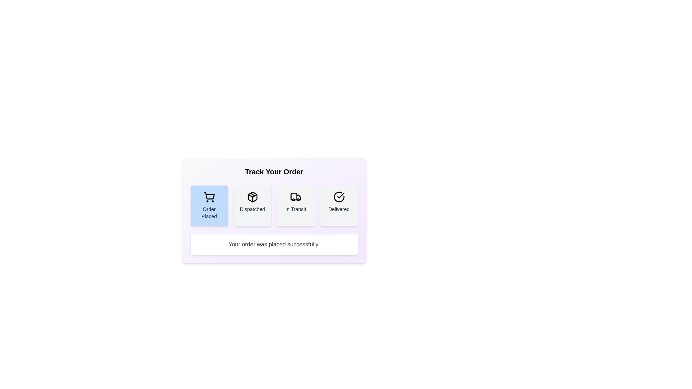 Image resolution: width=692 pixels, height=389 pixels. Describe the element at coordinates (252, 205) in the screenshot. I see `the 'Dispatched' button to view its details` at that location.